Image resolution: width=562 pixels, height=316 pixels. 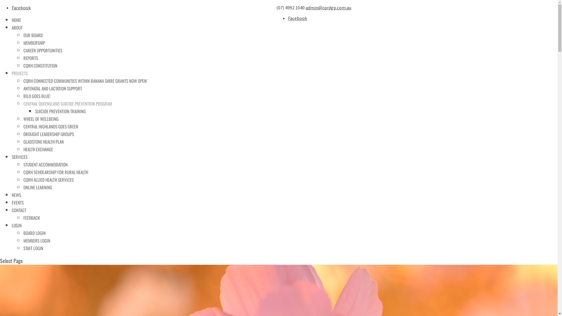 What do you see at coordinates (19, 209) in the screenshot?
I see `'CONTACT'` at bounding box center [19, 209].